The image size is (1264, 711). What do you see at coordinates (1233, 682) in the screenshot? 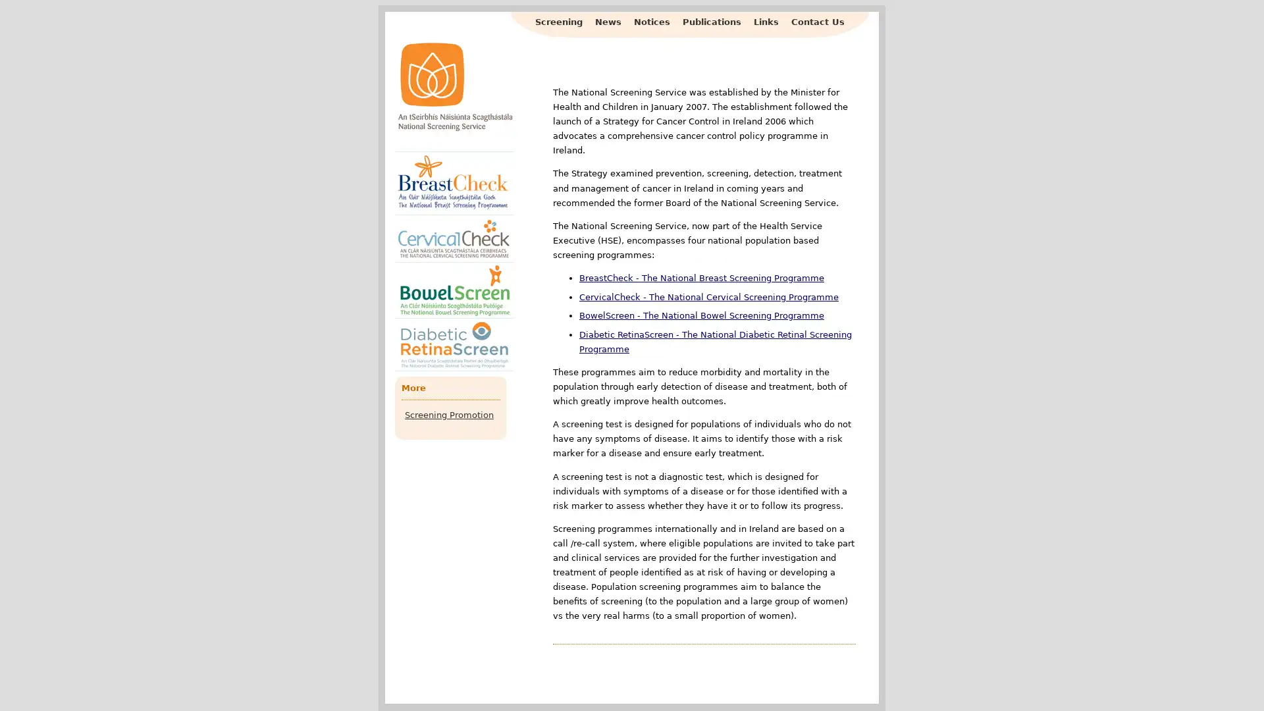
I see `Close` at bounding box center [1233, 682].